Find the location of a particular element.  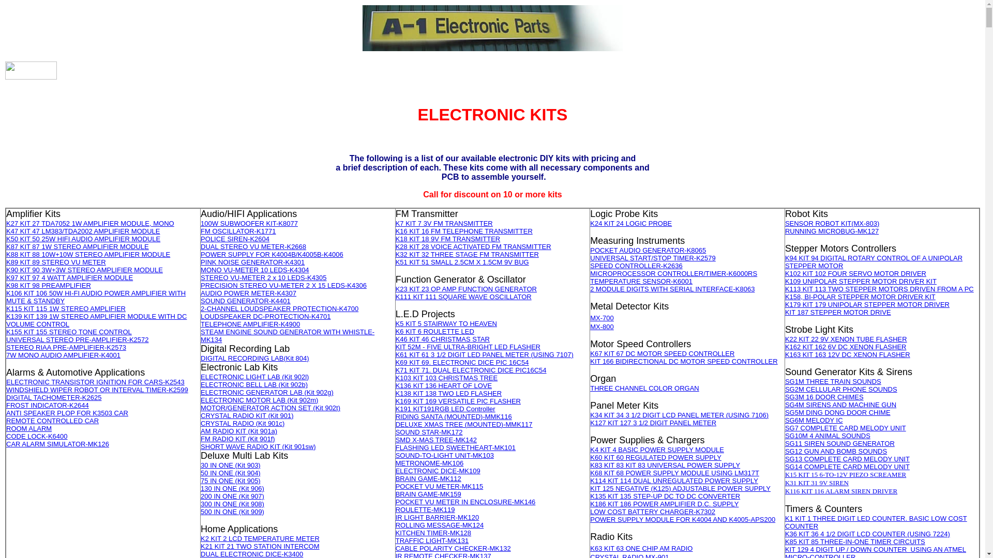

'K102 KIT 102 FOUR SERVO MOTOR DRIVER' is located at coordinates (855, 273).